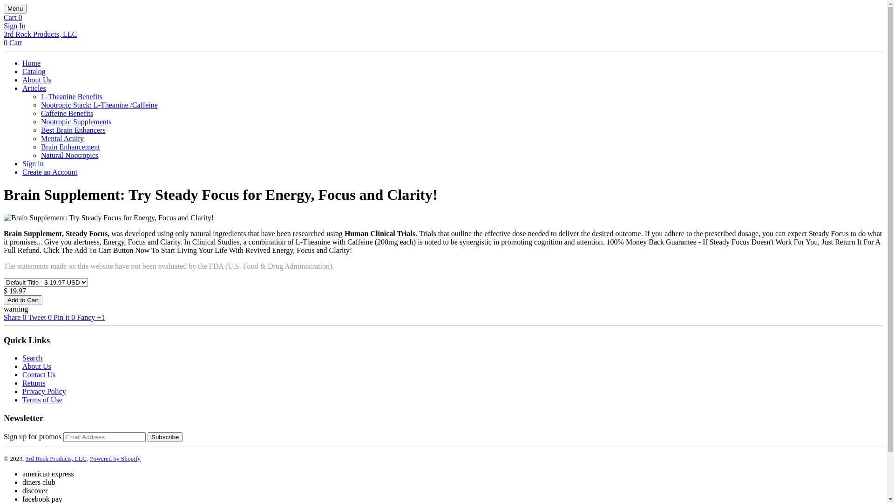 The width and height of the screenshot is (894, 503). What do you see at coordinates (99, 105) in the screenshot?
I see `'Nootropic Stack: L-Theanine /Caffeine'` at bounding box center [99, 105].